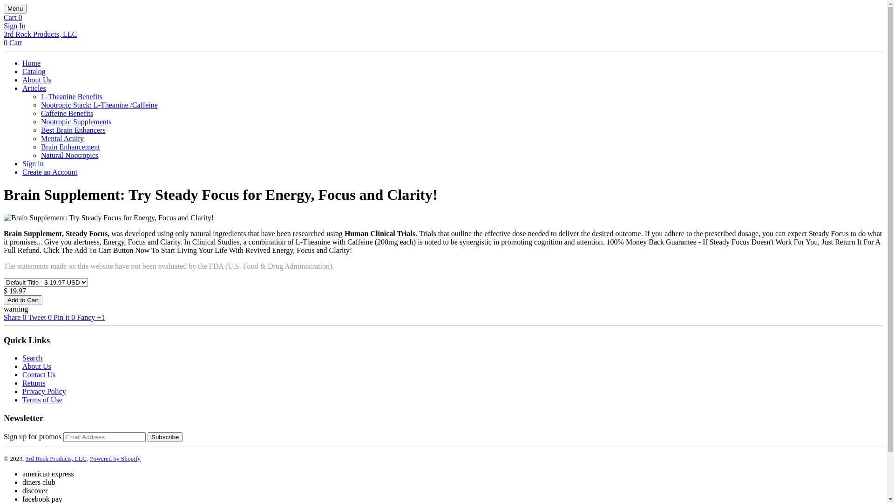 The width and height of the screenshot is (894, 503). What do you see at coordinates (99, 105) in the screenshot?
I see `'Nootropic Stack: L-Theanine /Caffeine'` at bounding box center [99, 105].